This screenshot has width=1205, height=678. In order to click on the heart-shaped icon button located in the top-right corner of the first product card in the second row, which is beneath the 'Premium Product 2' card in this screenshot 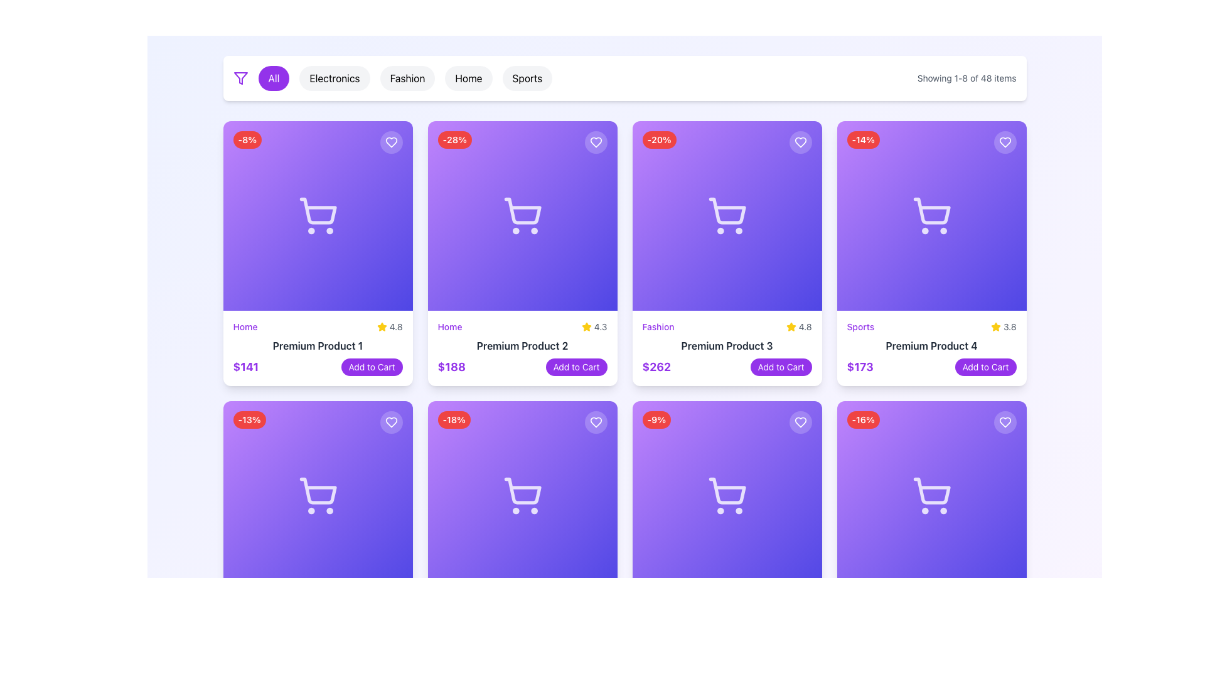, I will do `click(390, 422)`.